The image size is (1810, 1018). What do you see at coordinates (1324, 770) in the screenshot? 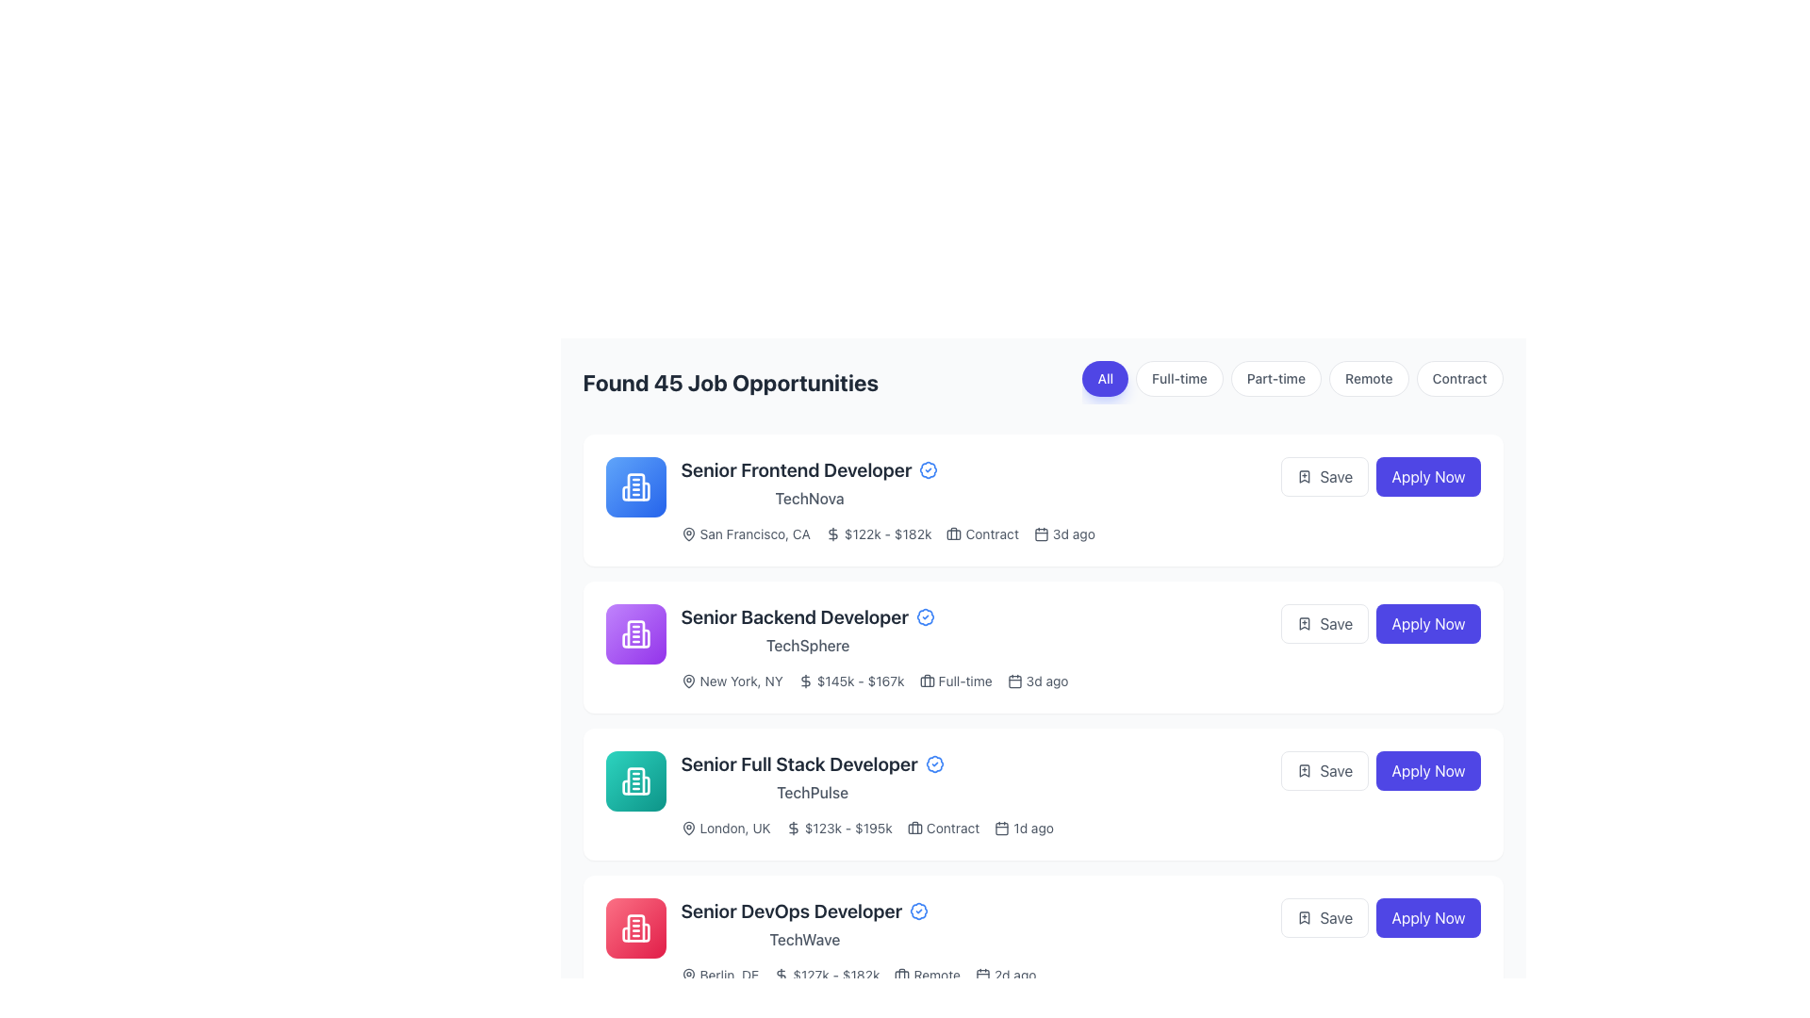
I see `the first button in the row of two, which serves to save or bookmark a job listing, located in the third job listing from the top` at bounding box center [1324, 770].